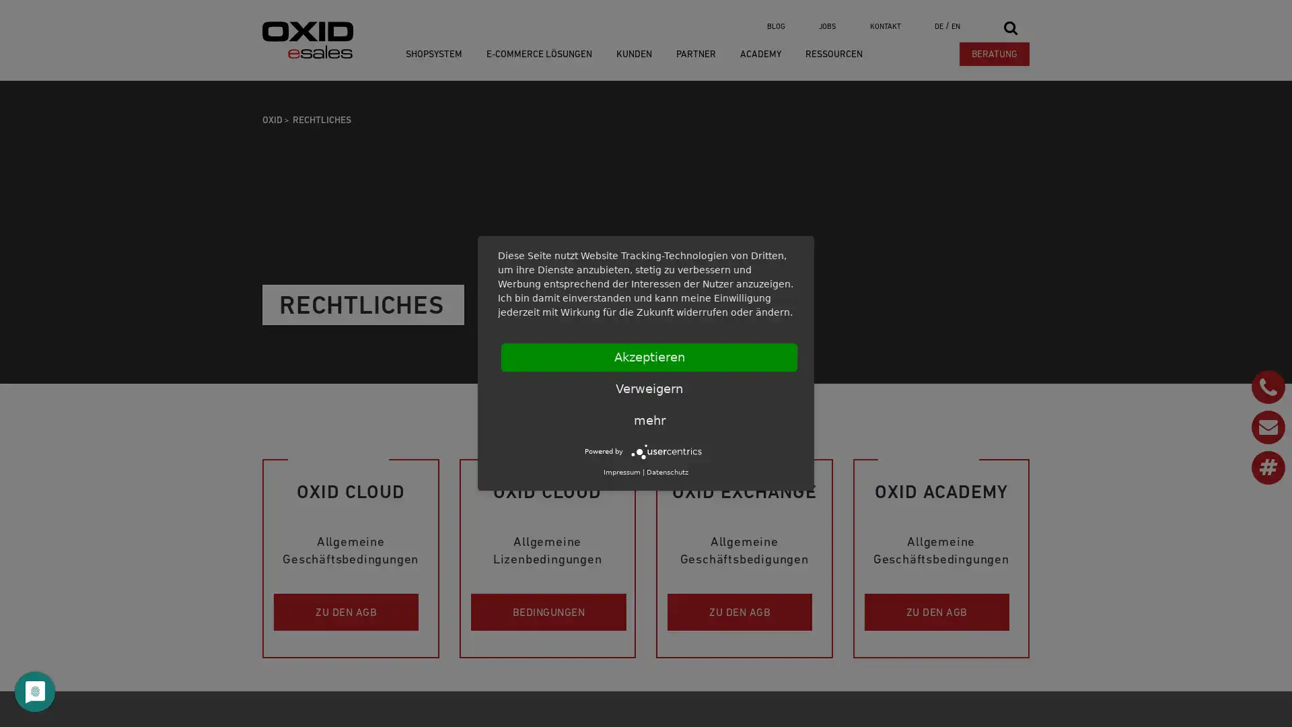 Image resolution: width=1292 pixels, height=727 pixels. What do you see at coordinates (649, 419) in the screenshot?
I see `mehr` at bounding box center [649, 419].